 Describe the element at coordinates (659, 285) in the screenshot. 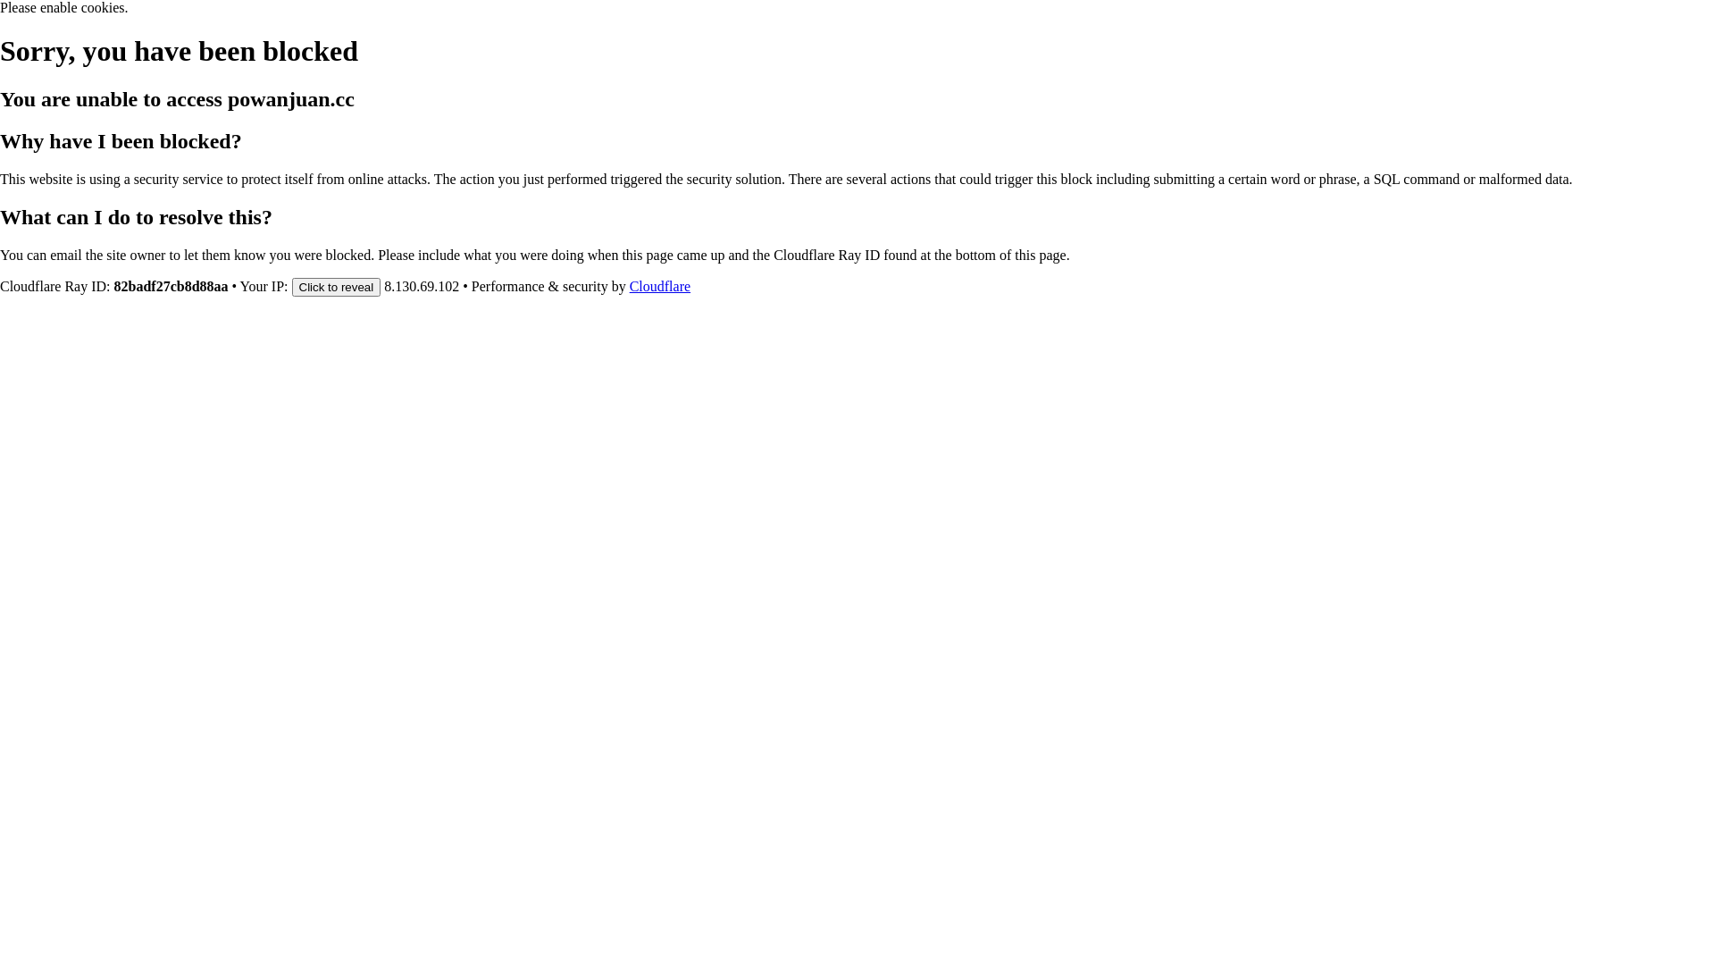

I see `'Cloudflare'` at that location.